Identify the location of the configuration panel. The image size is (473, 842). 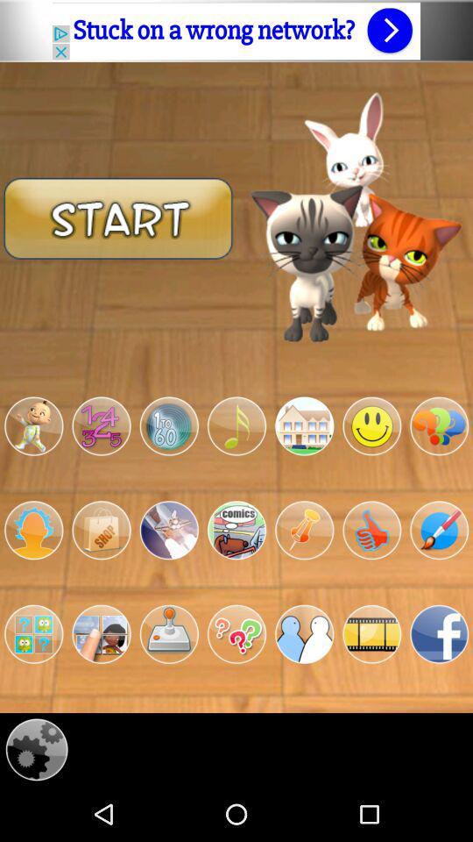
(37, 748).